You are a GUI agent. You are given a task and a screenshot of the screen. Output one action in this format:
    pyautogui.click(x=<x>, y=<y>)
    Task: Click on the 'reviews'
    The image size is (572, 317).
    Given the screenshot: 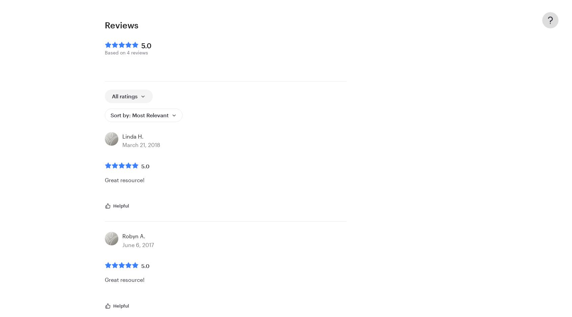 What is the action you would take?
    pyautogui.click(x=139, y=52)
    